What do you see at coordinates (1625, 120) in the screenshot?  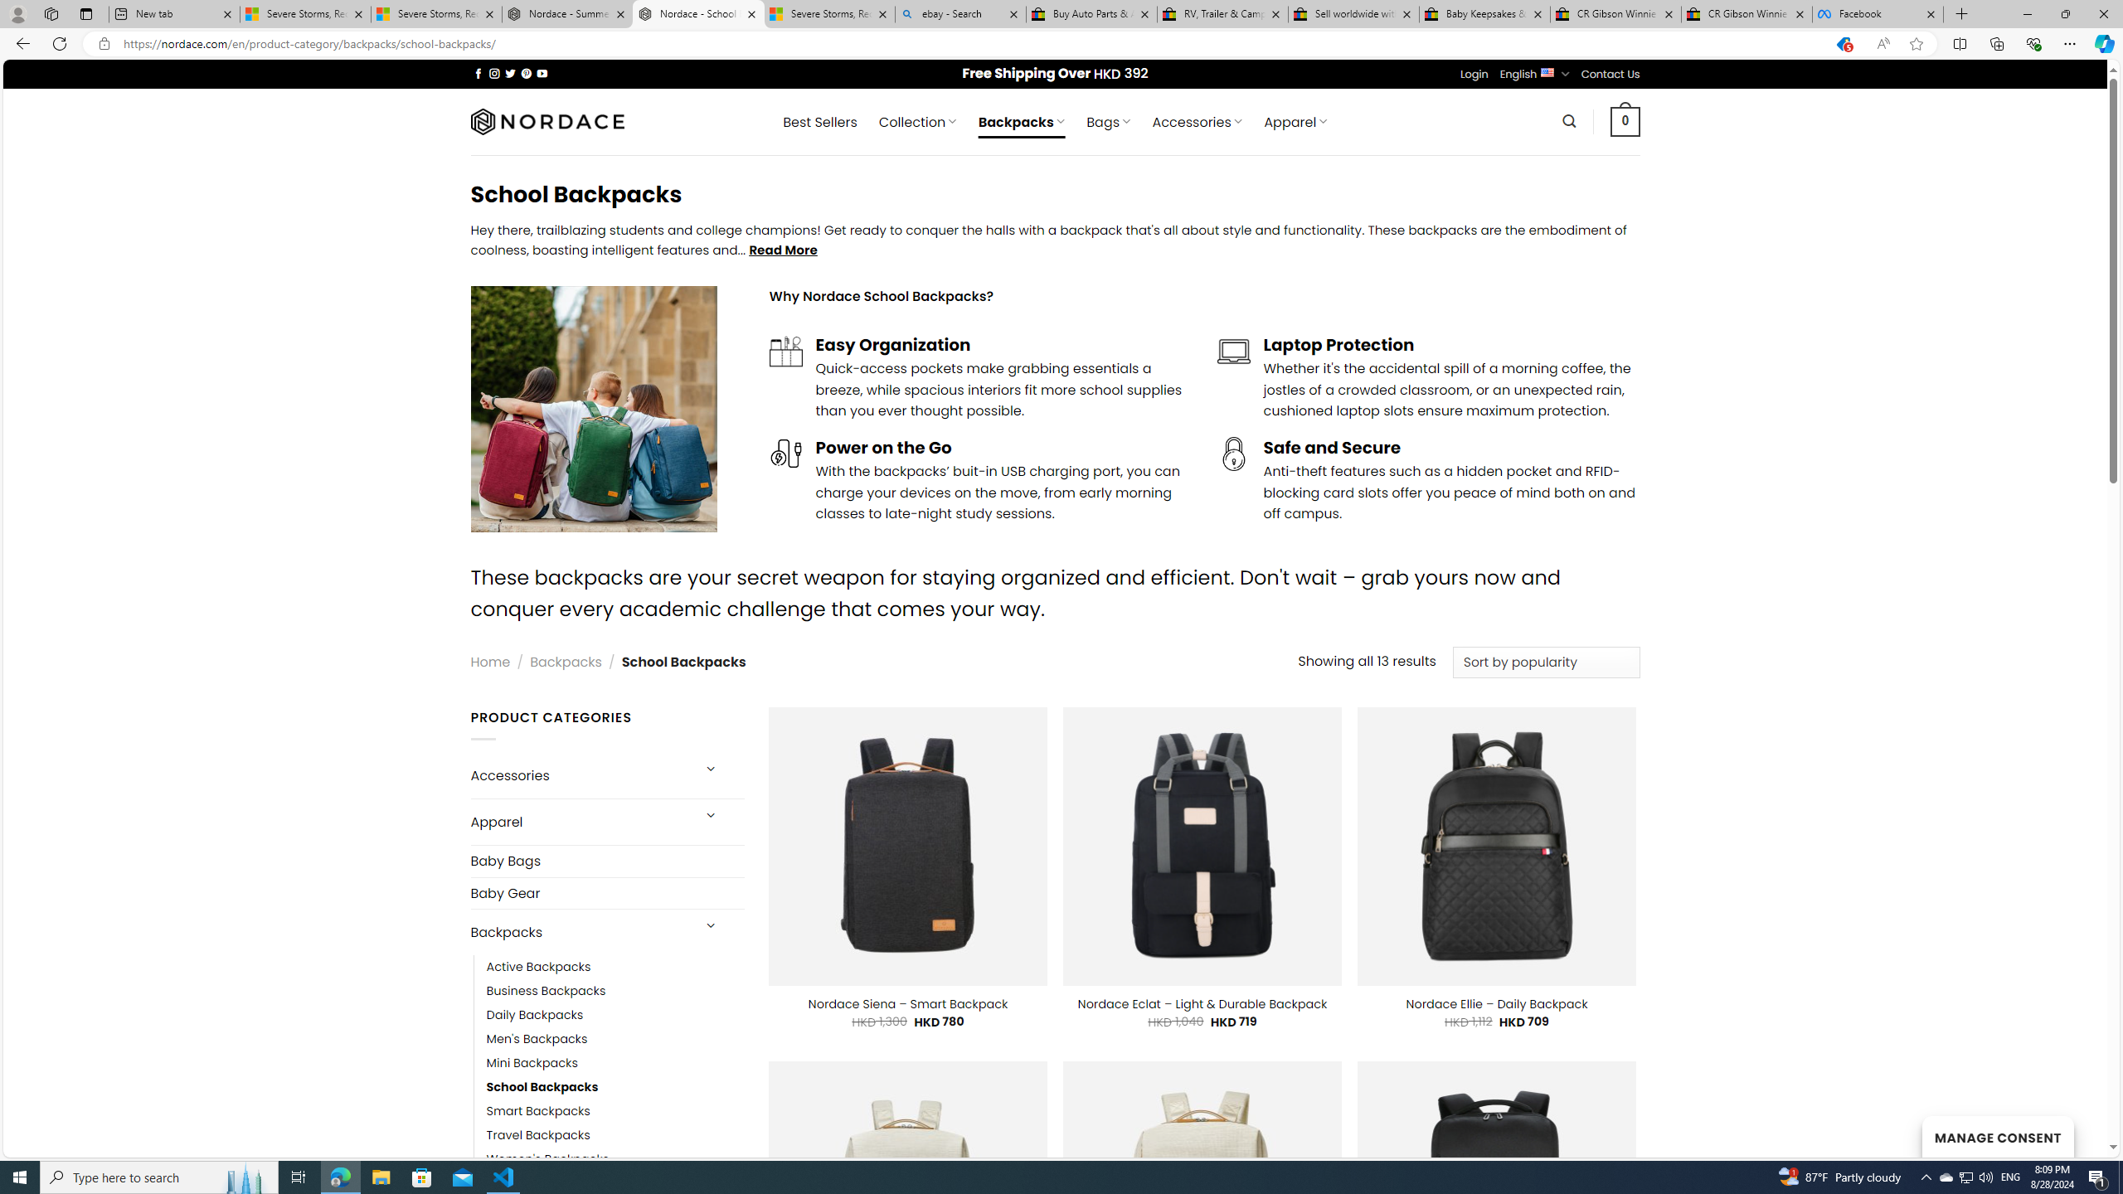 I see `' 0 '` at bounding box center [1625, 120].